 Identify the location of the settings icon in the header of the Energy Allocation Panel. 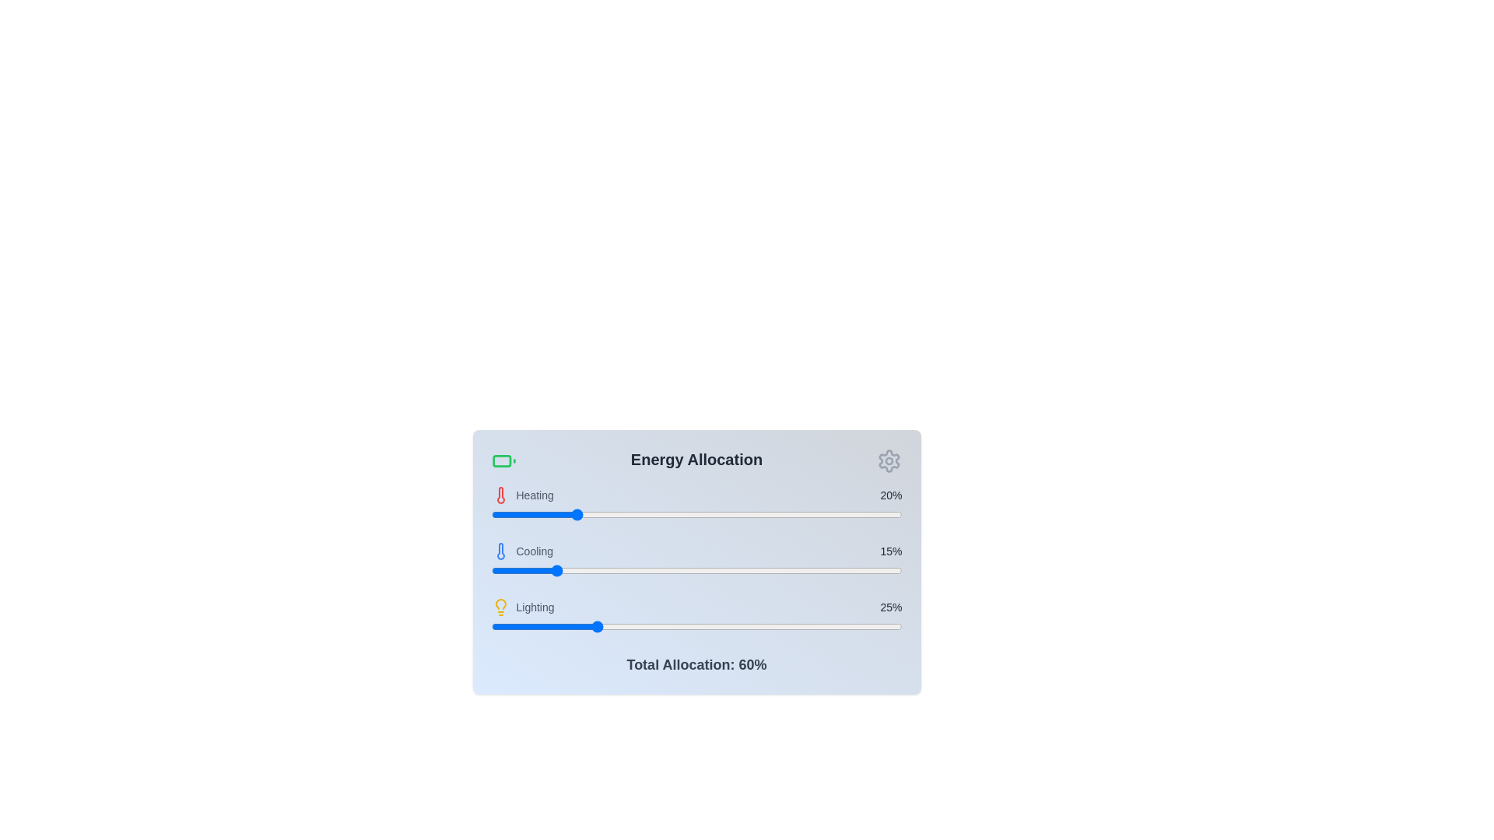
(889, 460).